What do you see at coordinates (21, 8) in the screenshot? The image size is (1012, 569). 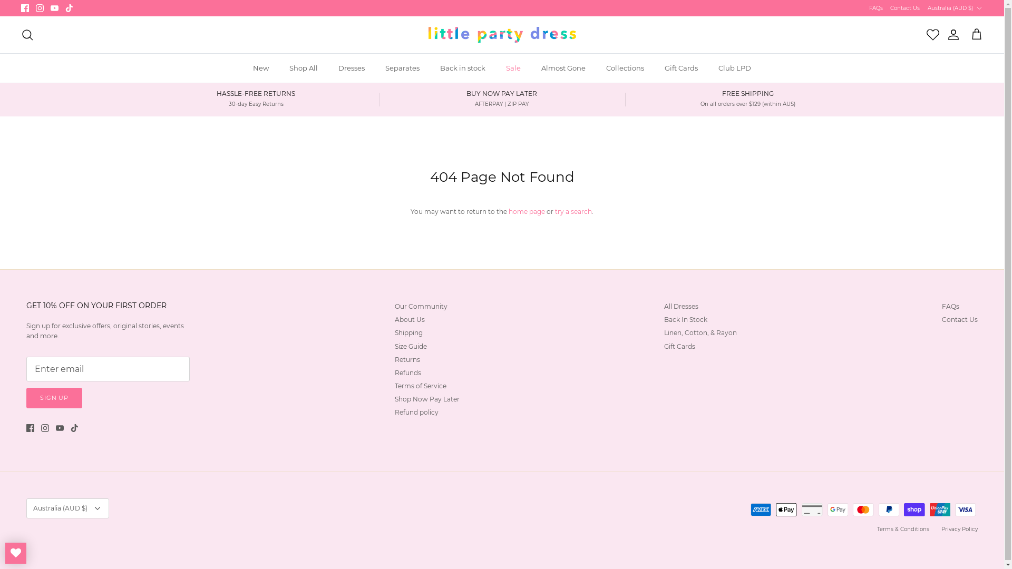 I see `'Facebook'` at bounding box center [21, 8].